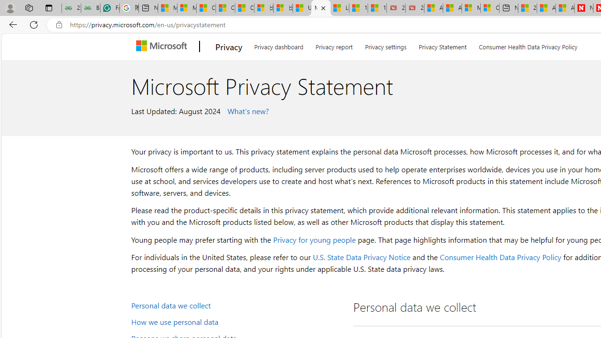  I want to click on '20 Ways to Boost Your Protein Intake at Every Meal', so click(527, 8).